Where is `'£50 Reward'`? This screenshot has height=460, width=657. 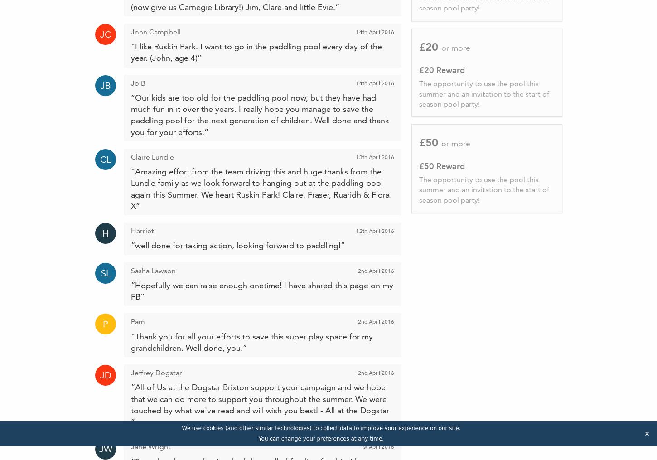
'£50 Reward' is located at coordinates (441, 165).